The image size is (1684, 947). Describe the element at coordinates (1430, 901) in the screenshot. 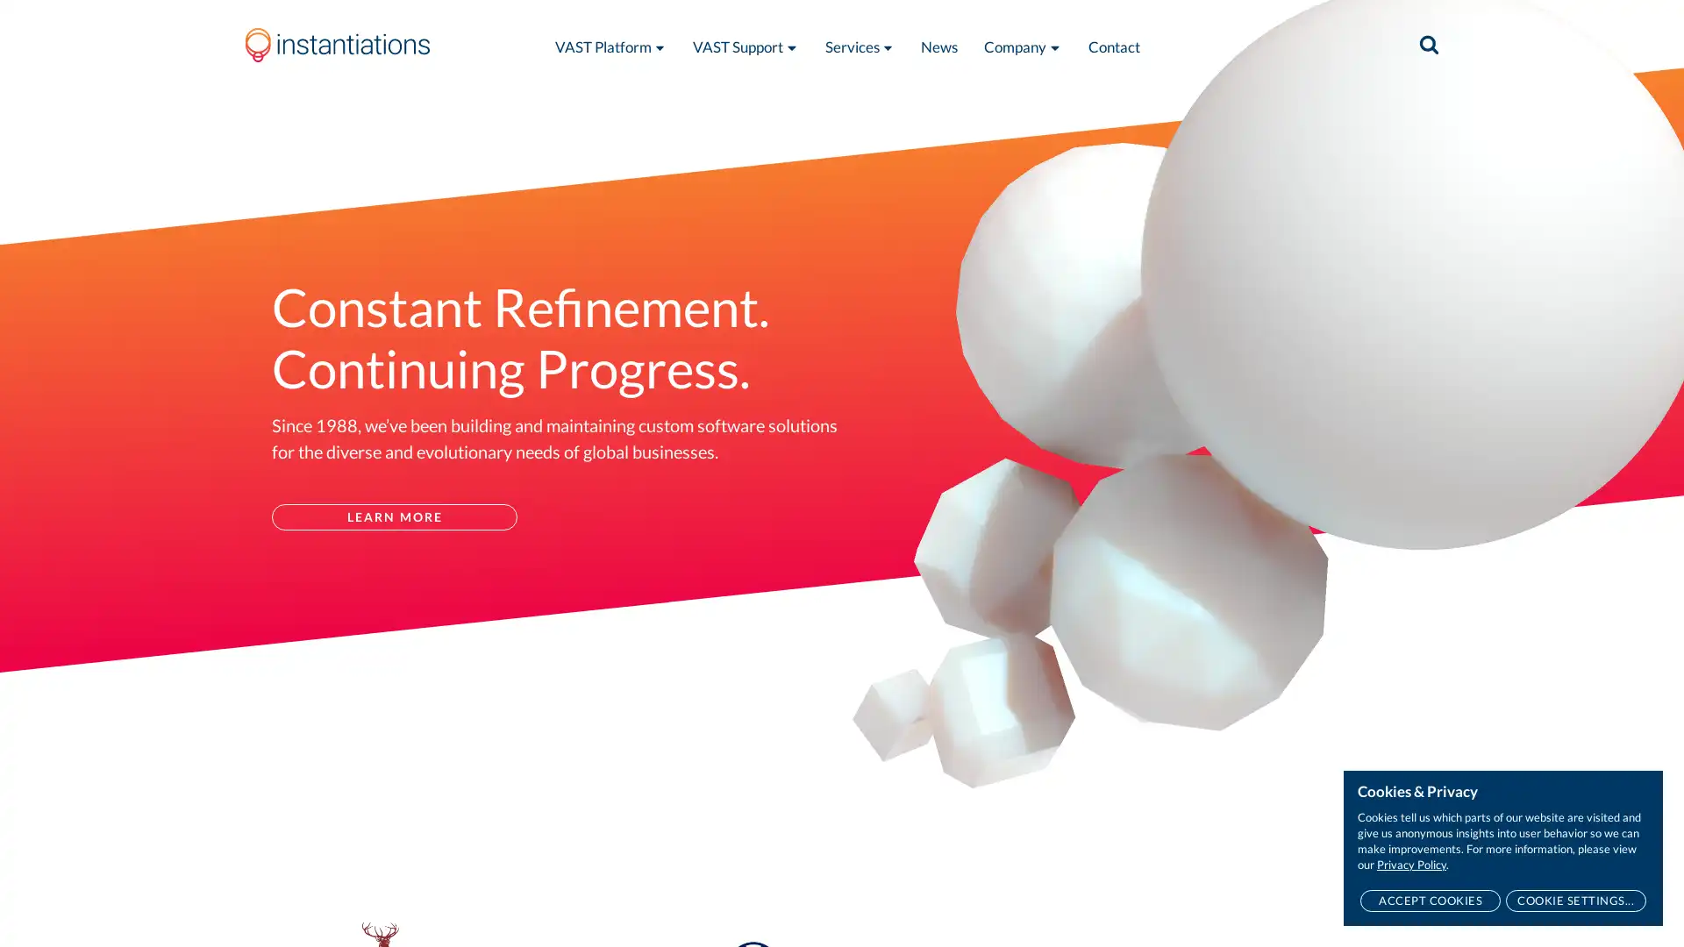

I see `ACCEPT COOKIES` at that location.